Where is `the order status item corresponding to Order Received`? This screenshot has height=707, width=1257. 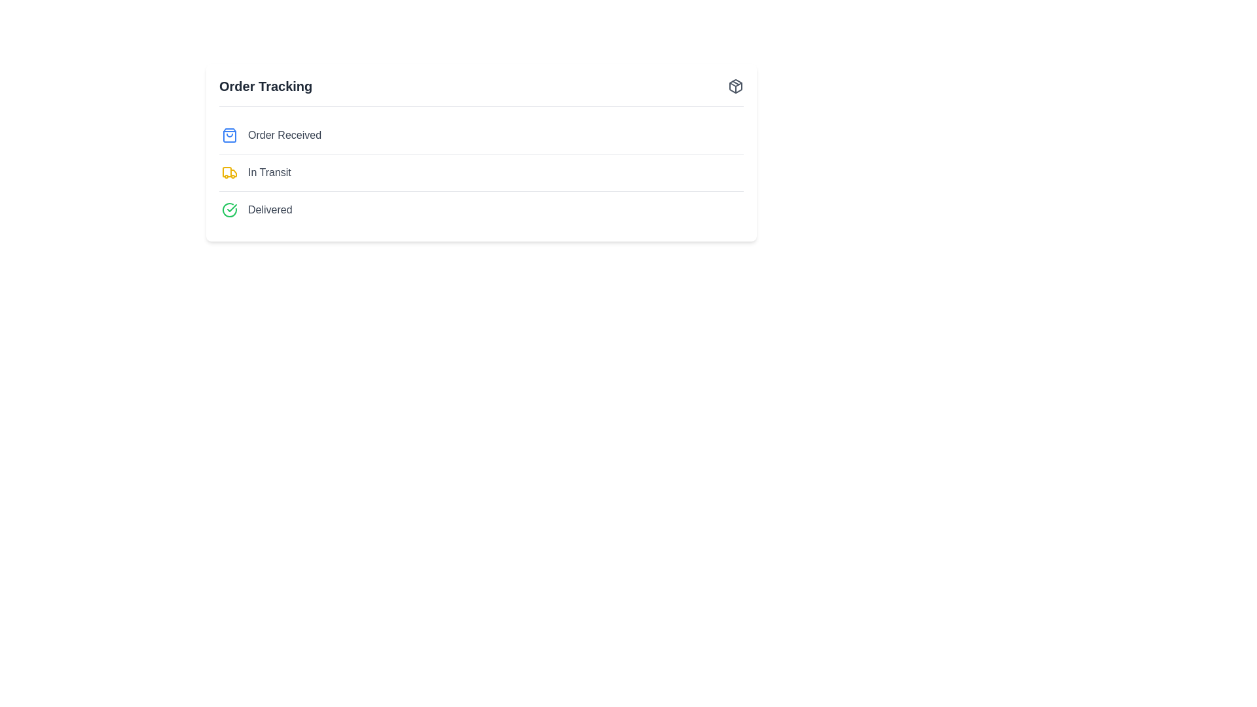 the order status item corresponding to Order Received is located at coordinates (284, 136).